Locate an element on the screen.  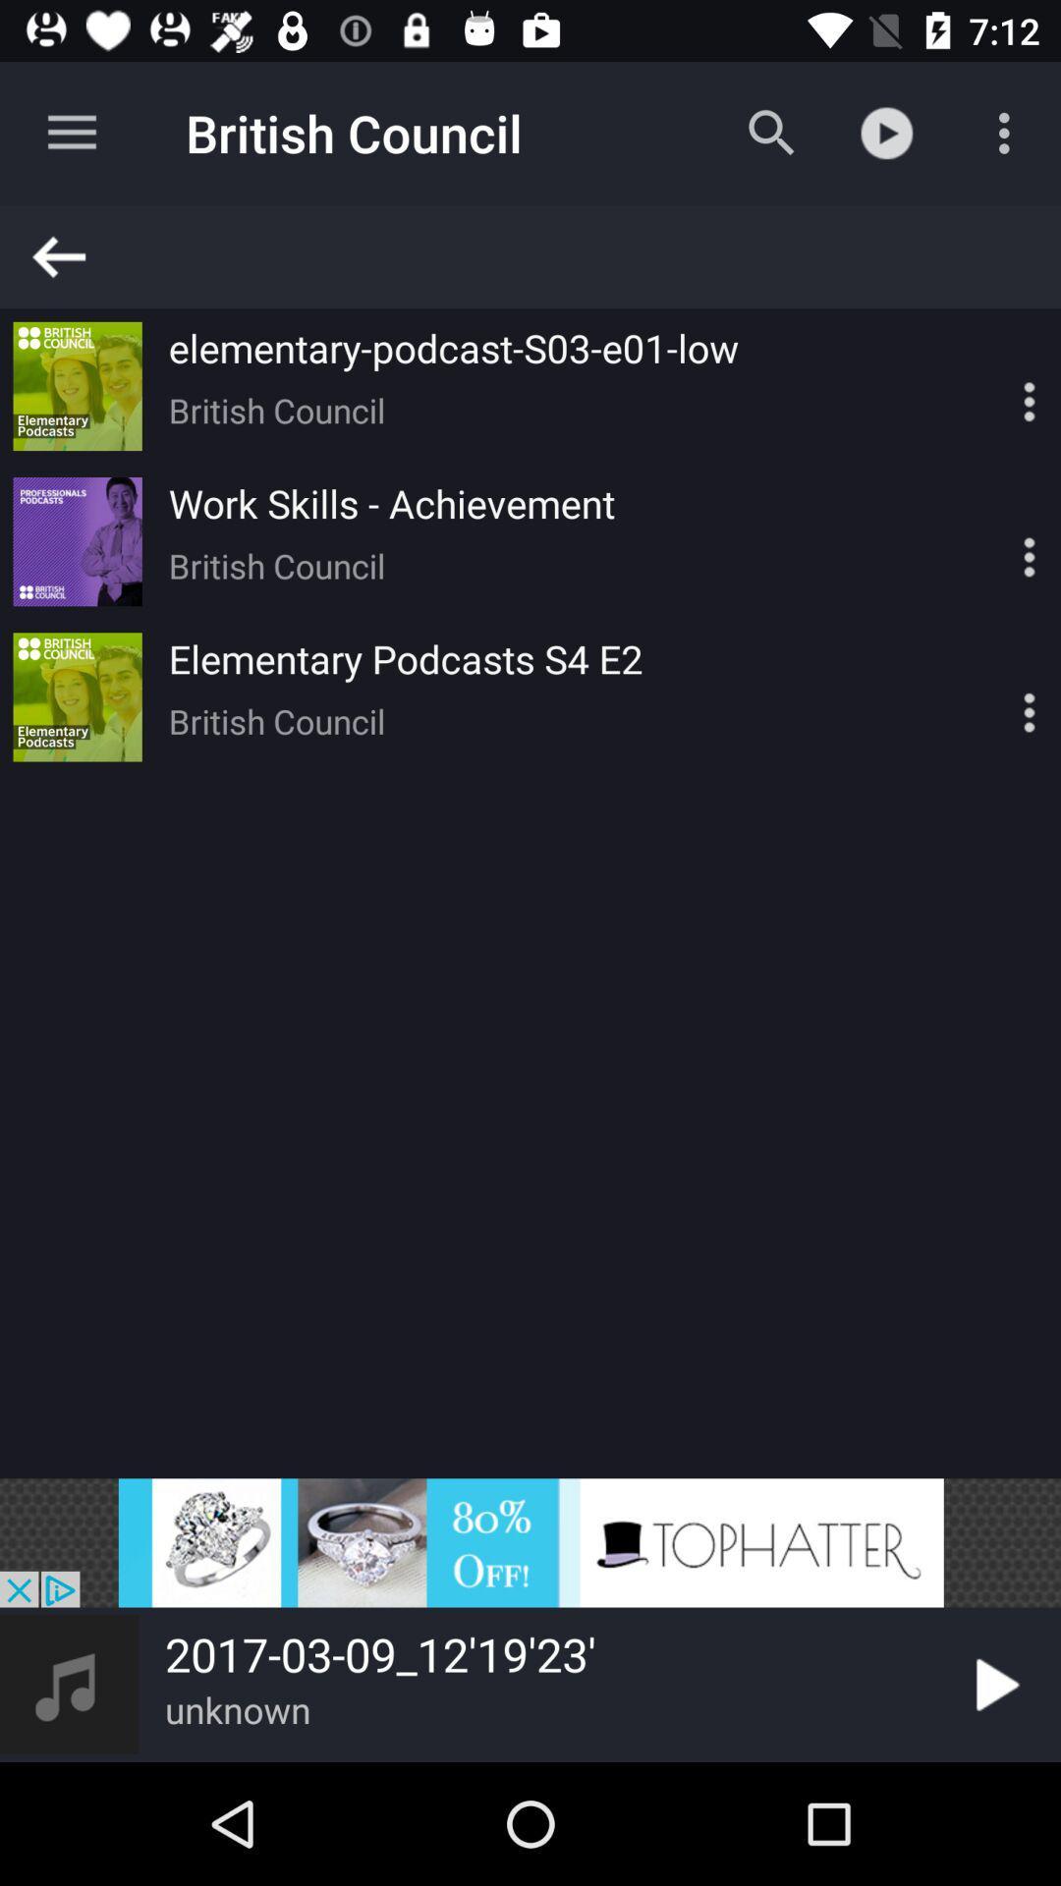
the song is located at coordinates (993, 1684).